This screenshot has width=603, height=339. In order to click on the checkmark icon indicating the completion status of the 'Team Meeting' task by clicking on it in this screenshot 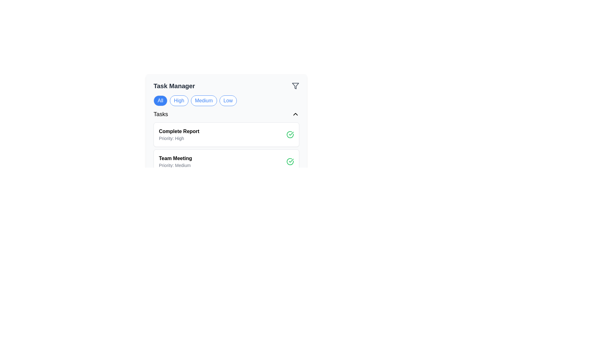, I will do `click(291, 133)`.